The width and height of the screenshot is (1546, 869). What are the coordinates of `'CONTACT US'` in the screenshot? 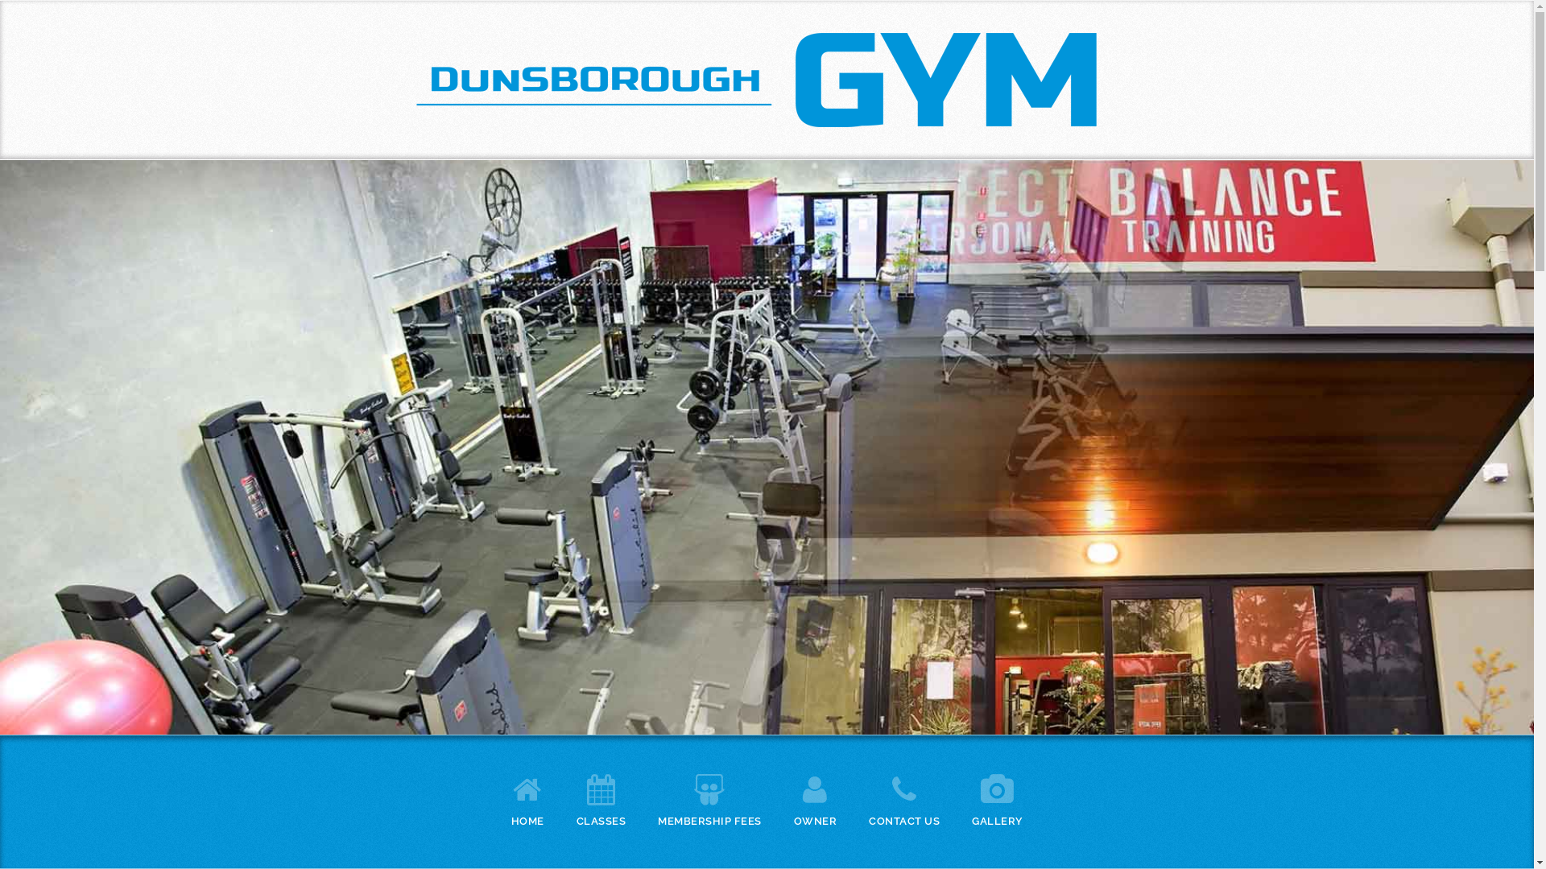 It's located at (904, 797).